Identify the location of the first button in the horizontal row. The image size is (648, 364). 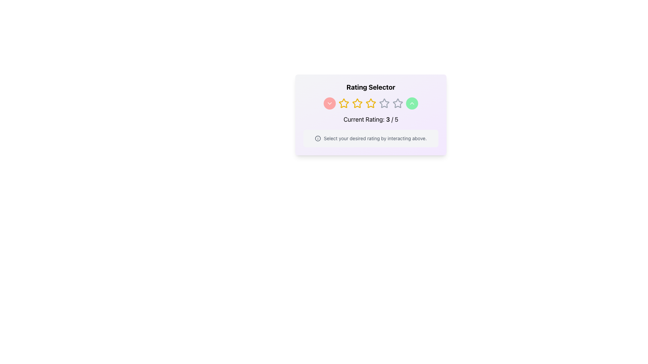
(330, 103).